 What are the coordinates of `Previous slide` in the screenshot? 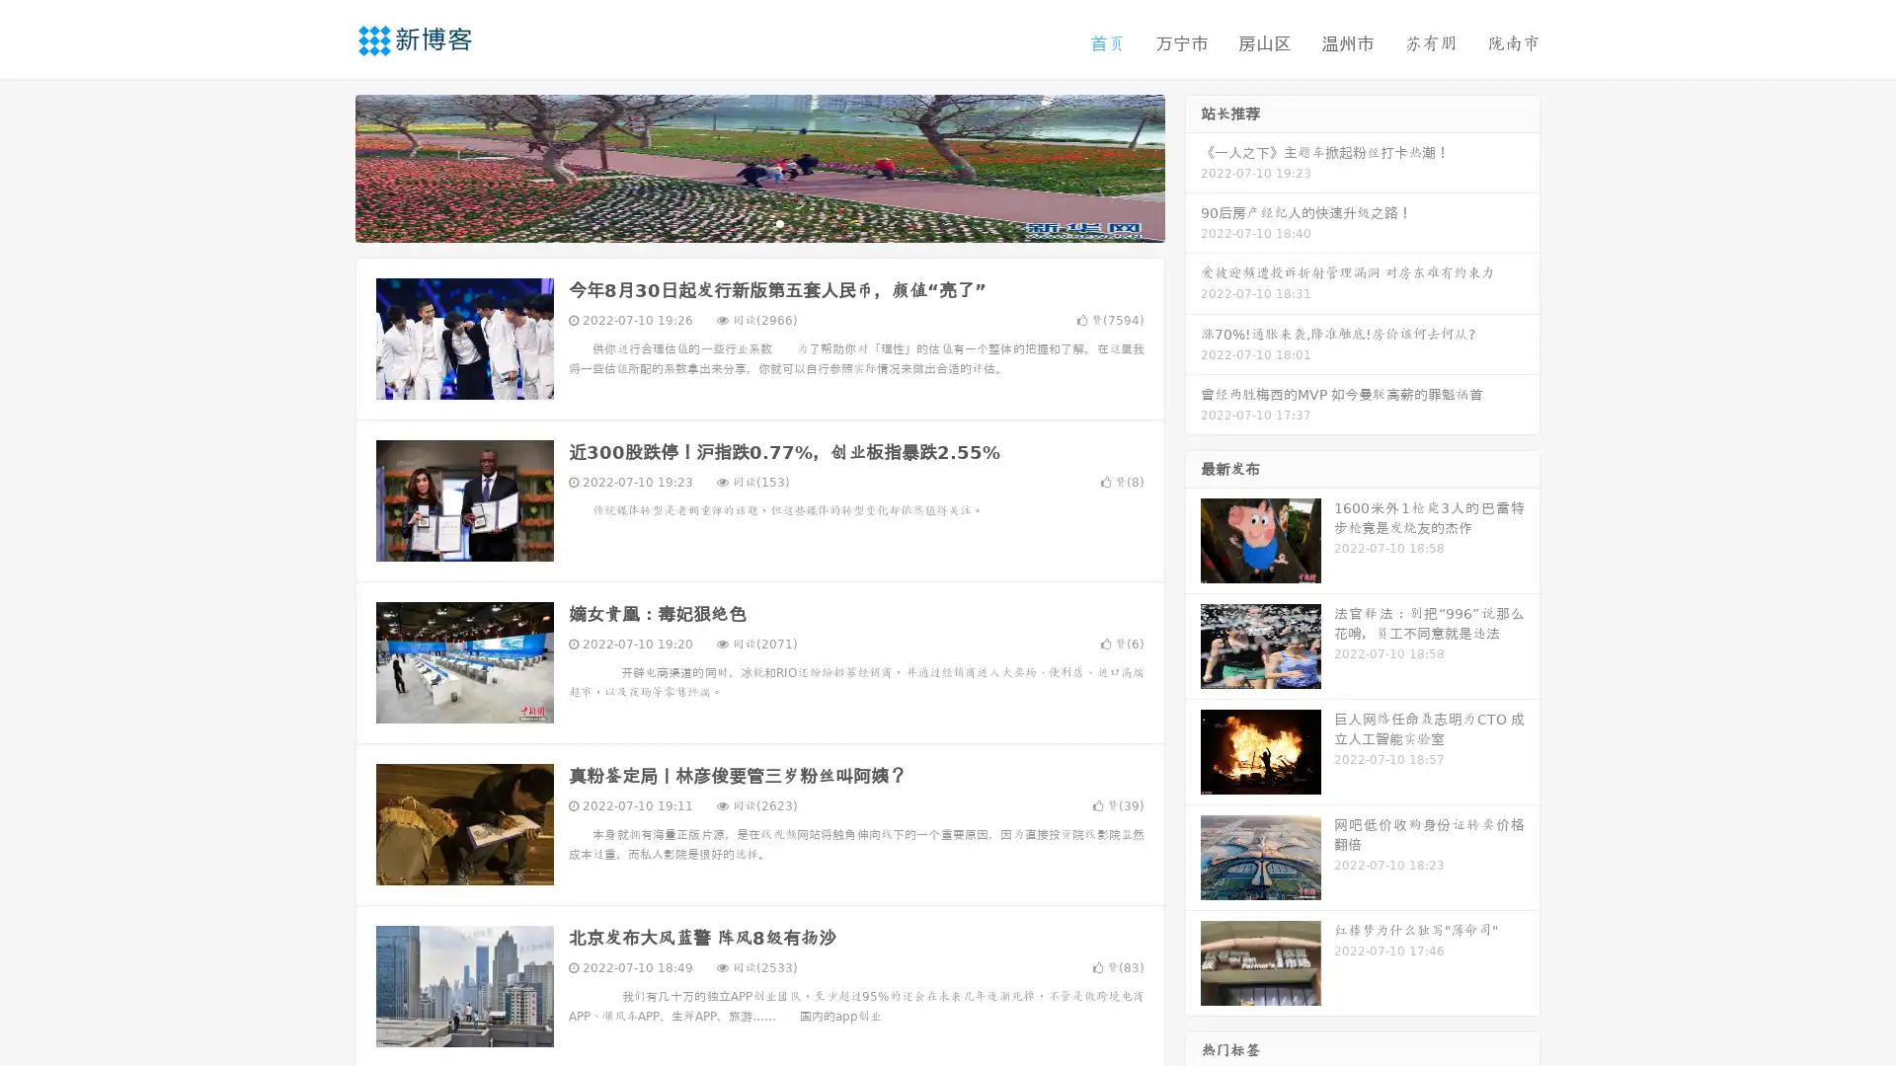 It's located at (326, 166).